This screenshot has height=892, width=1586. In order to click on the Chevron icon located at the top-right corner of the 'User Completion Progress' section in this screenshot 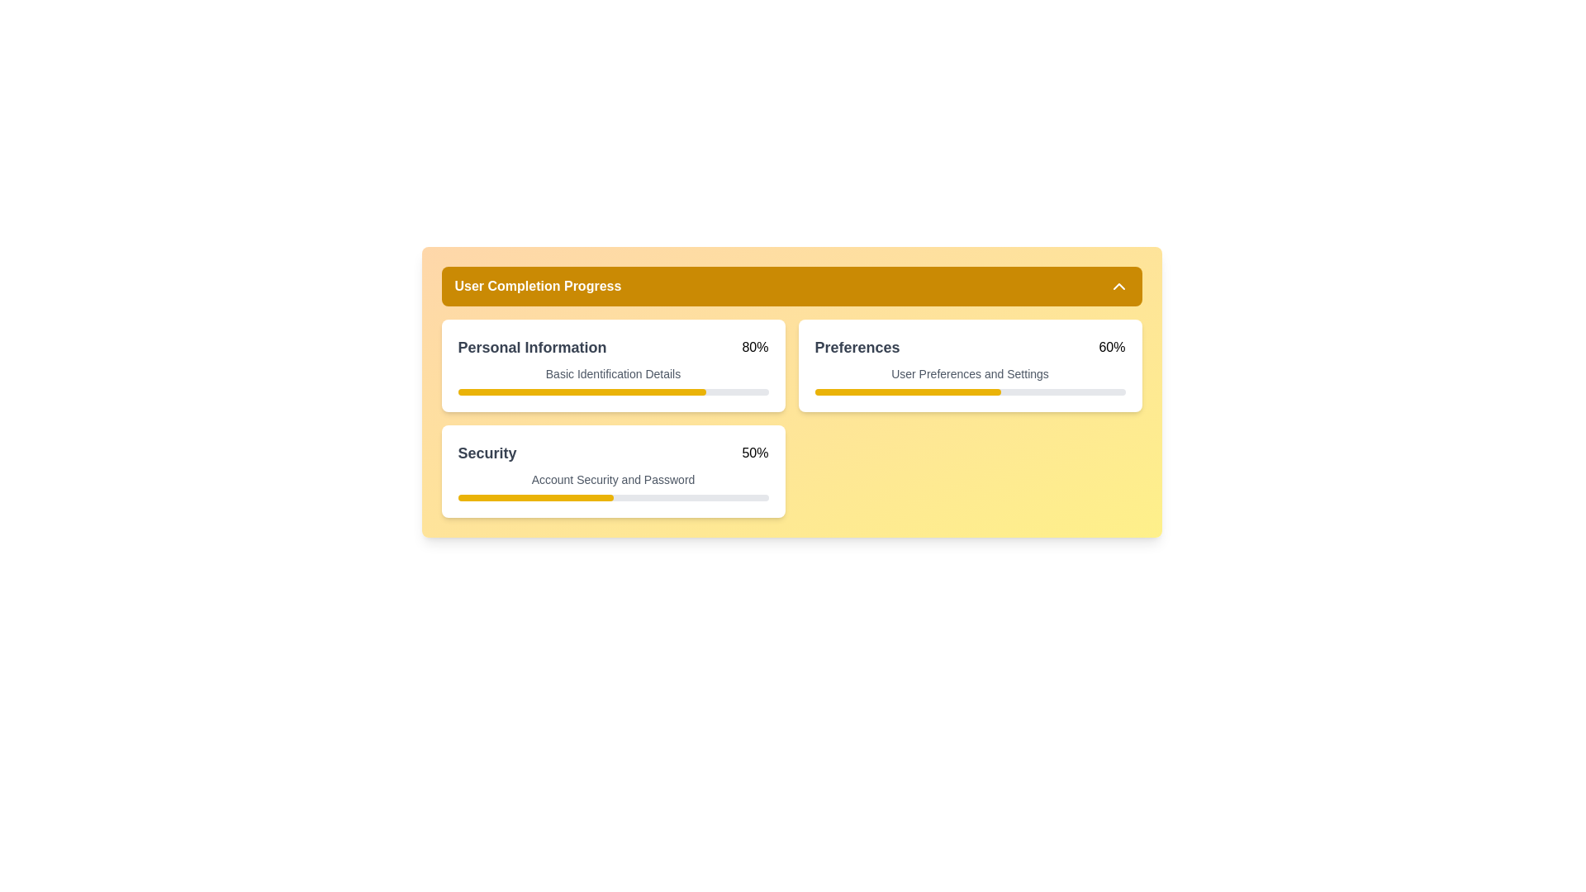, I will do `click(1118, 286)`.